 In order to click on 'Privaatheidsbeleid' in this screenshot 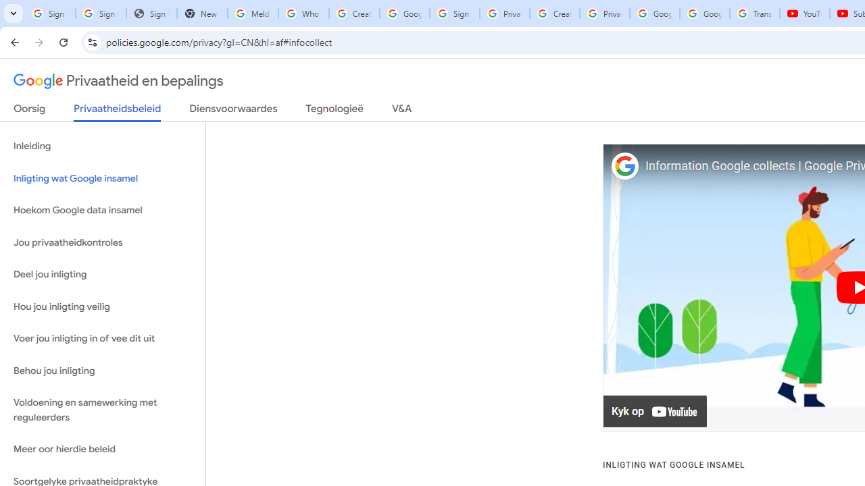, I will do `click(118, 111)`.